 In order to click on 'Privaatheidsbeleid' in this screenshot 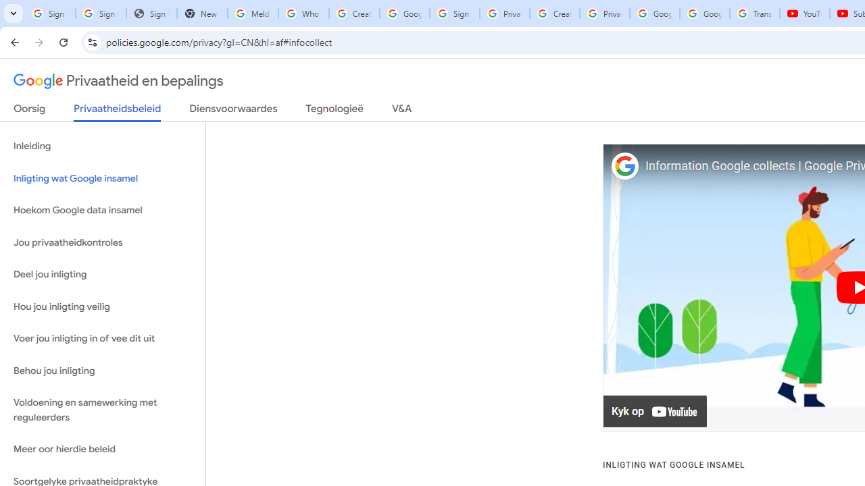, I will do `click(118, 111)`.